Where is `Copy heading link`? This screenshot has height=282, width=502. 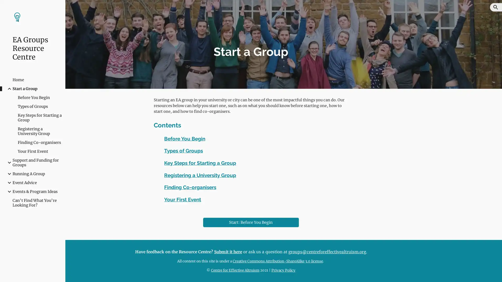 Copy heading link is located at coordinates (275, 162).